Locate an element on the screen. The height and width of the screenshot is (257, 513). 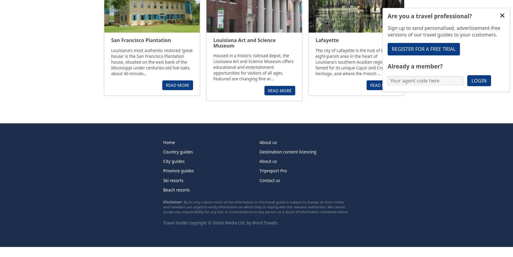
'Contact us' is located at coordinates (269, 180).